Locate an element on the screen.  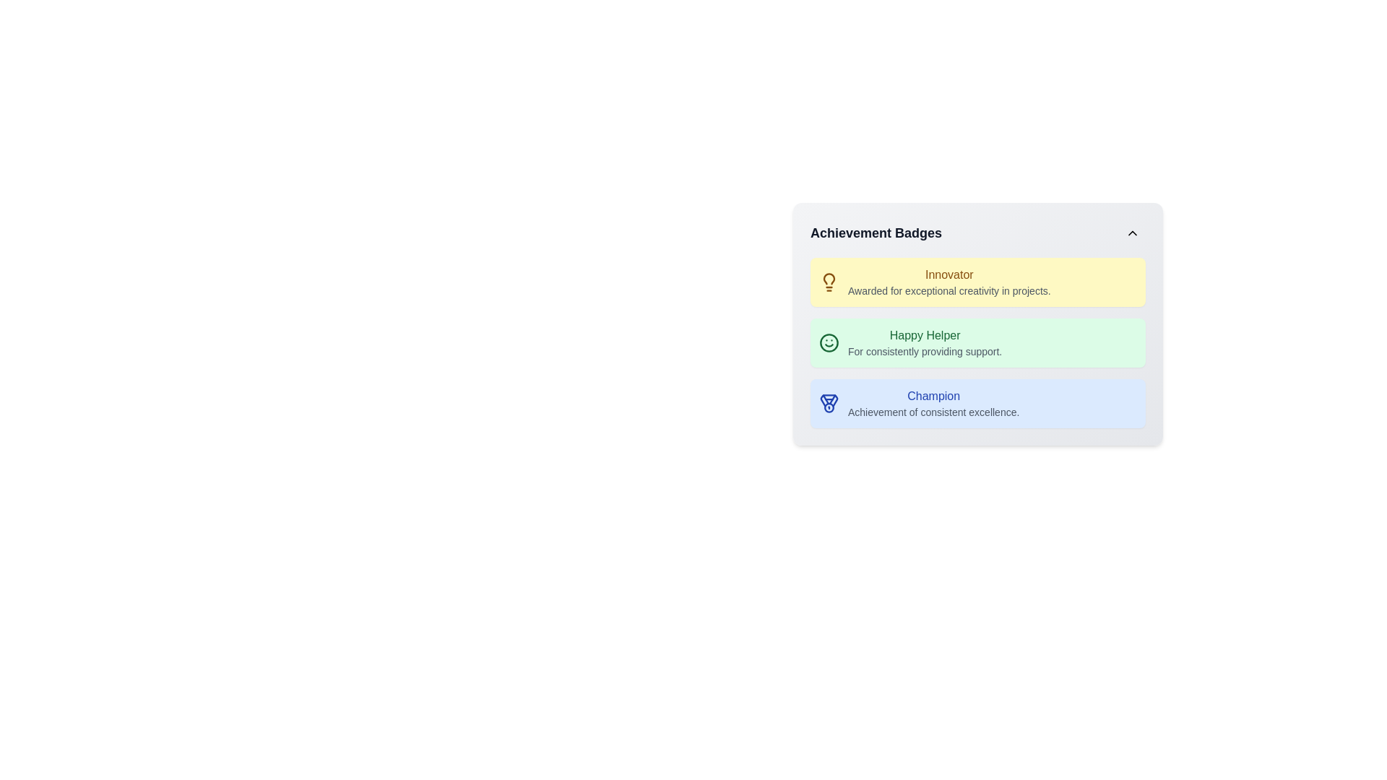
descriptive text element that says 'Awarded for exceptional creativity in projects.' located below the title 'Innovator' in the 'Achievement Badges' panel is located at coordinates (949, 290).